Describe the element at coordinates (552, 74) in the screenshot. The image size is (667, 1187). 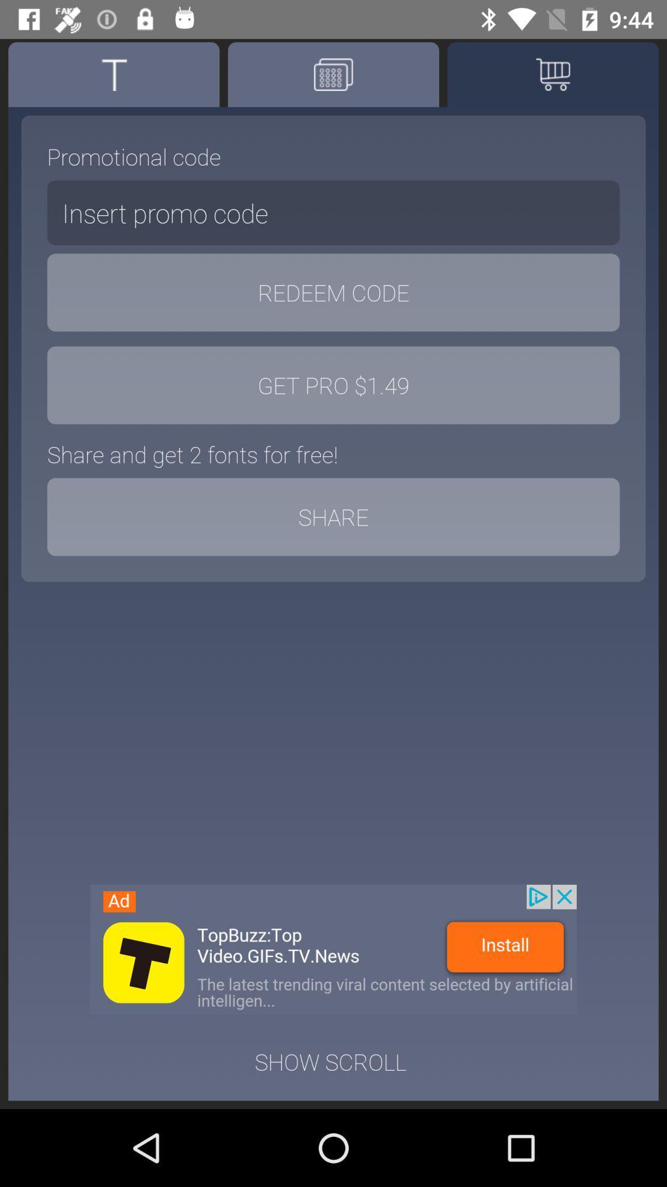
I see `your cart` at that location.